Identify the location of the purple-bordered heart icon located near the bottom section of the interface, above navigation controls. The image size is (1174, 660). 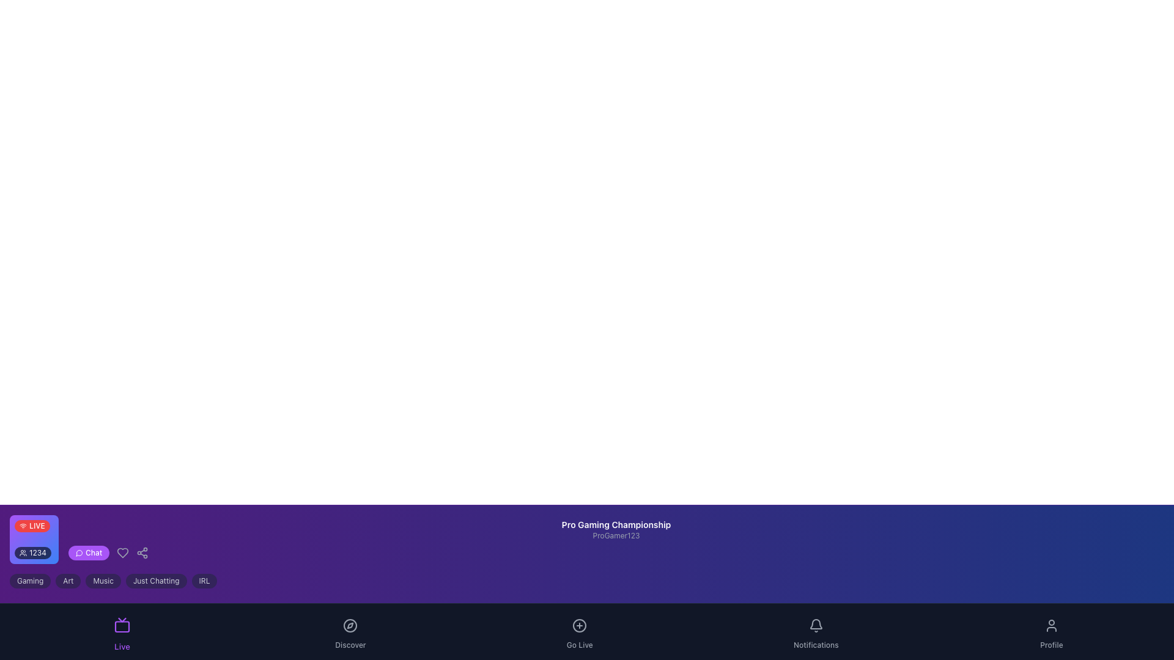
(123, 553).